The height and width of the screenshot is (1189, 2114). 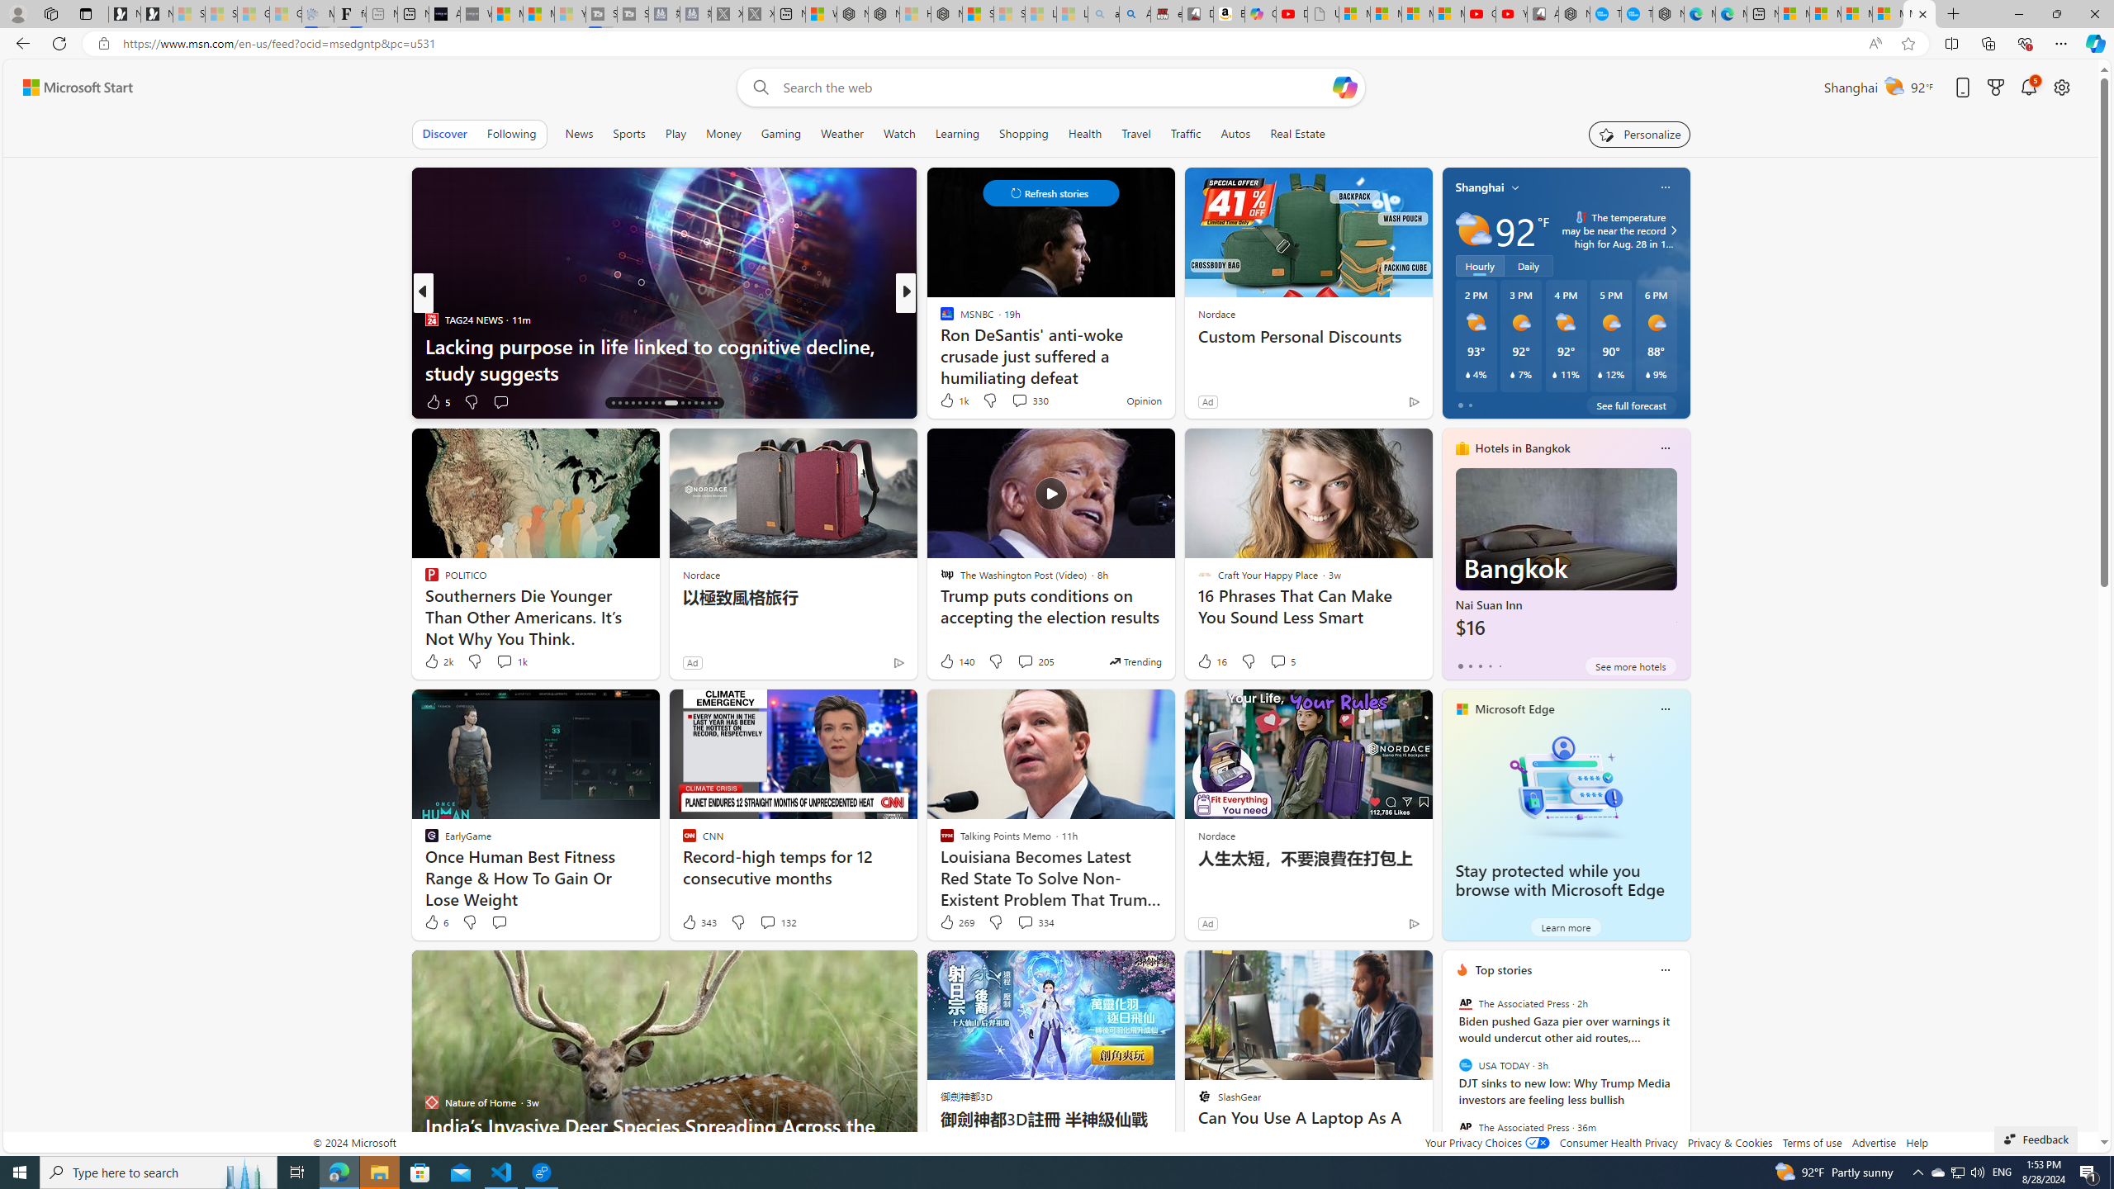 I want to click on 'Consumer Health Privacy', so click(x=1619, y=1141).